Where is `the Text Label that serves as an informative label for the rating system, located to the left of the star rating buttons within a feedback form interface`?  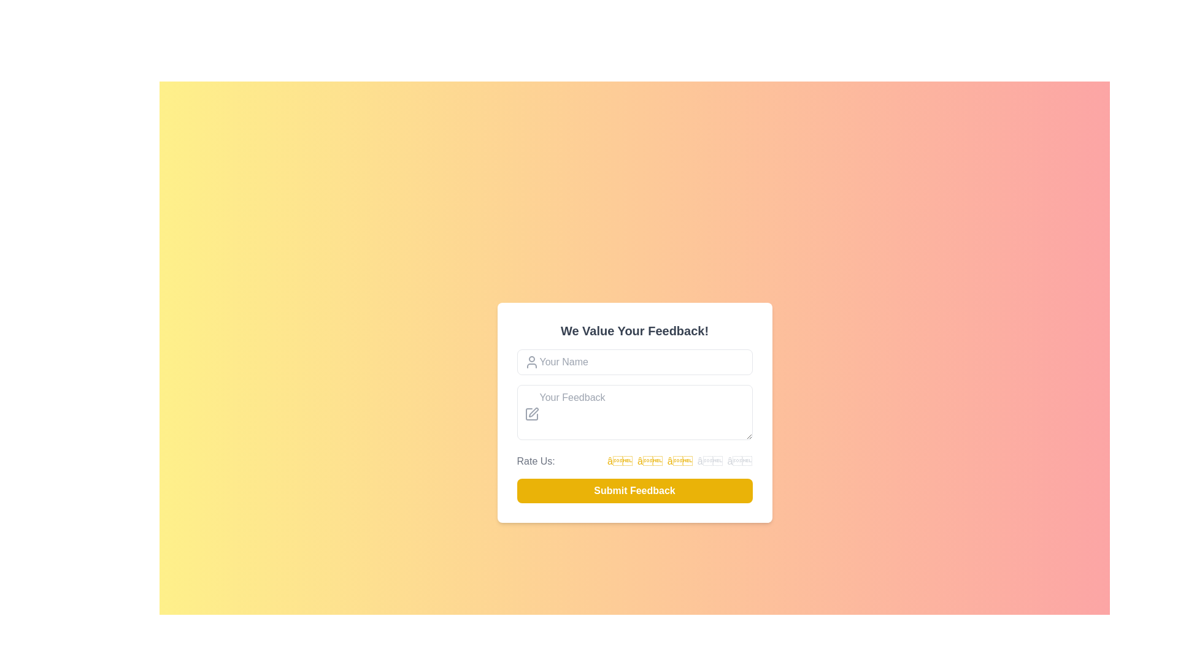 the Text Label that serves as an informative label for the rating system, located to the left of the star rating buttons within a feedback form interface is located at coordinates (536, 461).